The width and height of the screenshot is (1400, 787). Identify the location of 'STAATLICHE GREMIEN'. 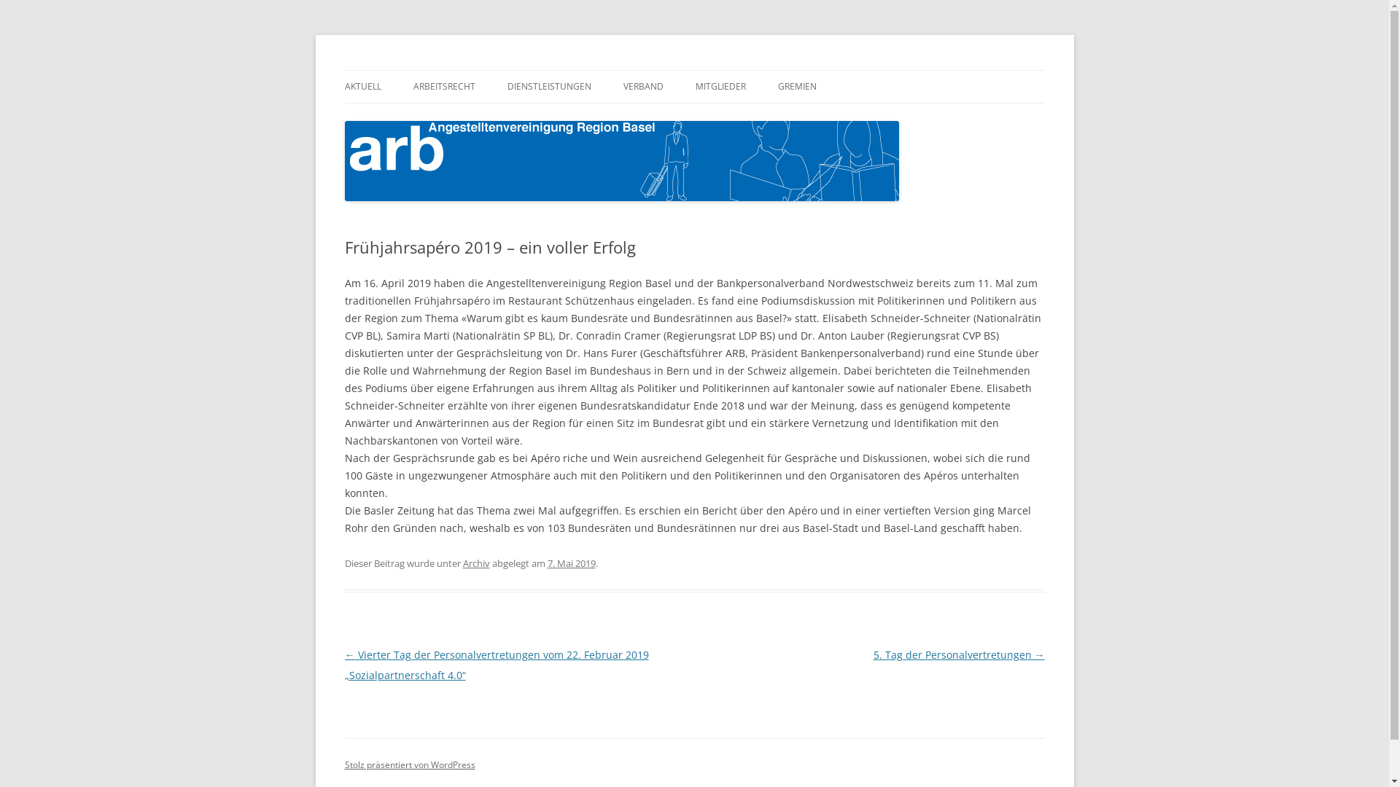
(850, 117).